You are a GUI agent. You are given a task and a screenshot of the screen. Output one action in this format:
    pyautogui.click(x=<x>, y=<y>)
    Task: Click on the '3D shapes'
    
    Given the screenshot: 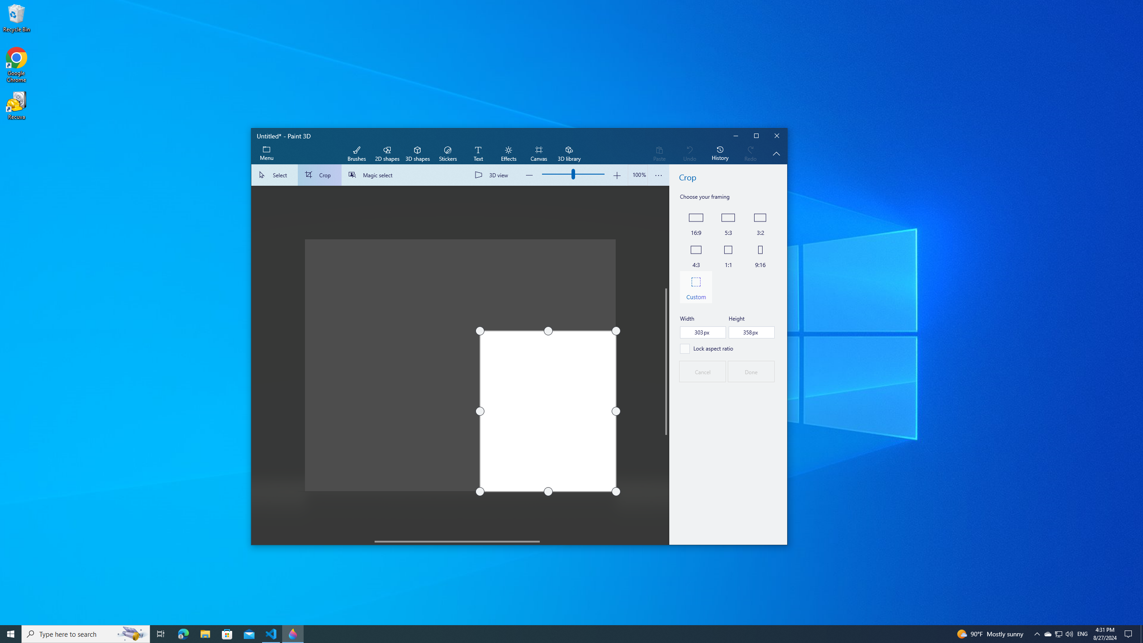 What is the action you would take?
    pyautogui.click(x=417, y=154)
    